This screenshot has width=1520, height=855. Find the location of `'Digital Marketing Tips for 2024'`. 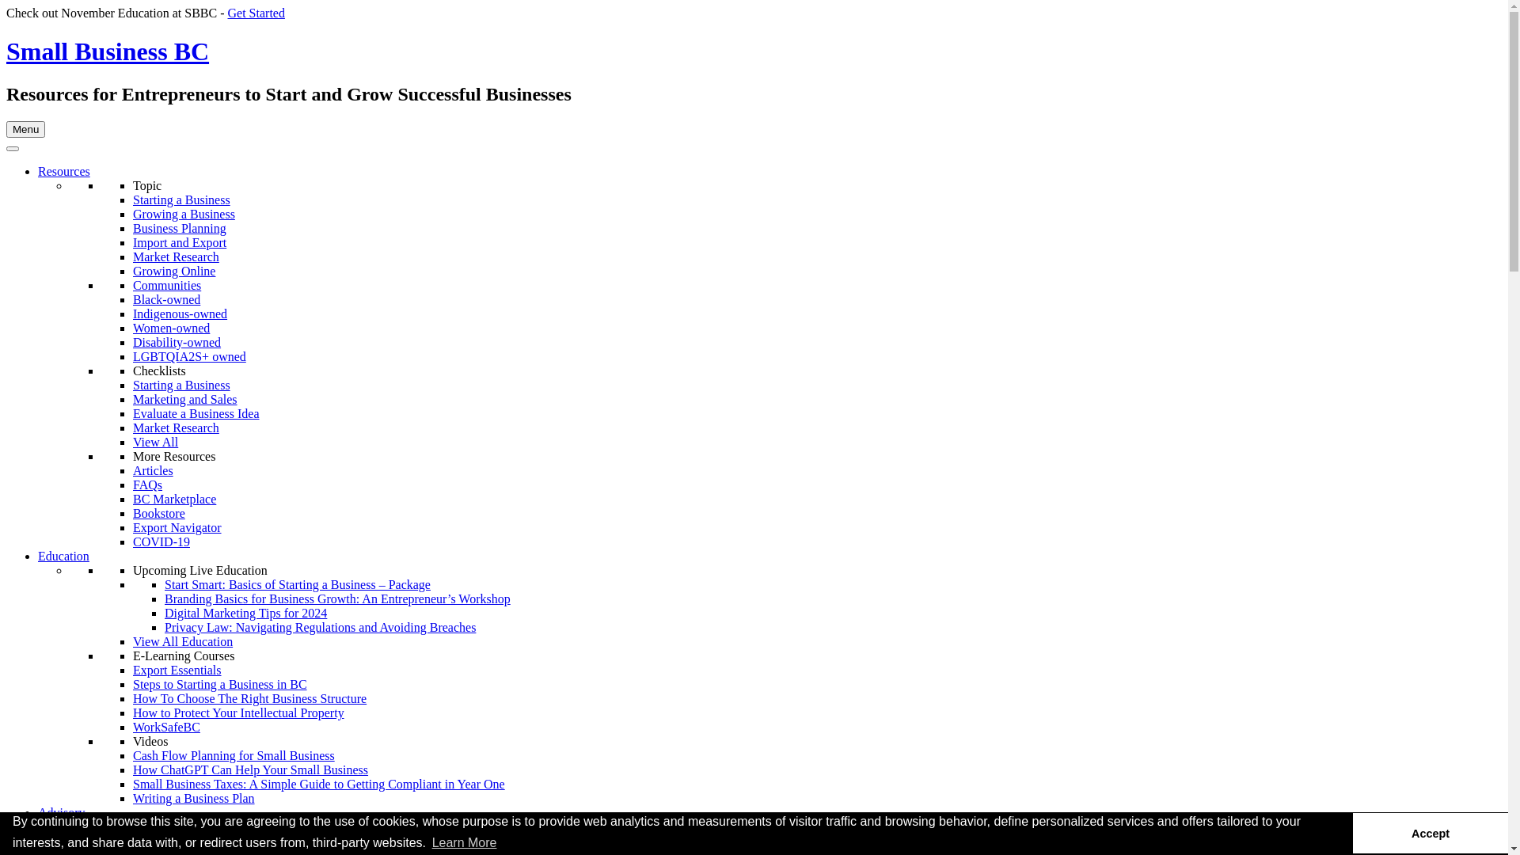

'Digital Marketing Tips for 2024' is located at coordinates (245, 612).